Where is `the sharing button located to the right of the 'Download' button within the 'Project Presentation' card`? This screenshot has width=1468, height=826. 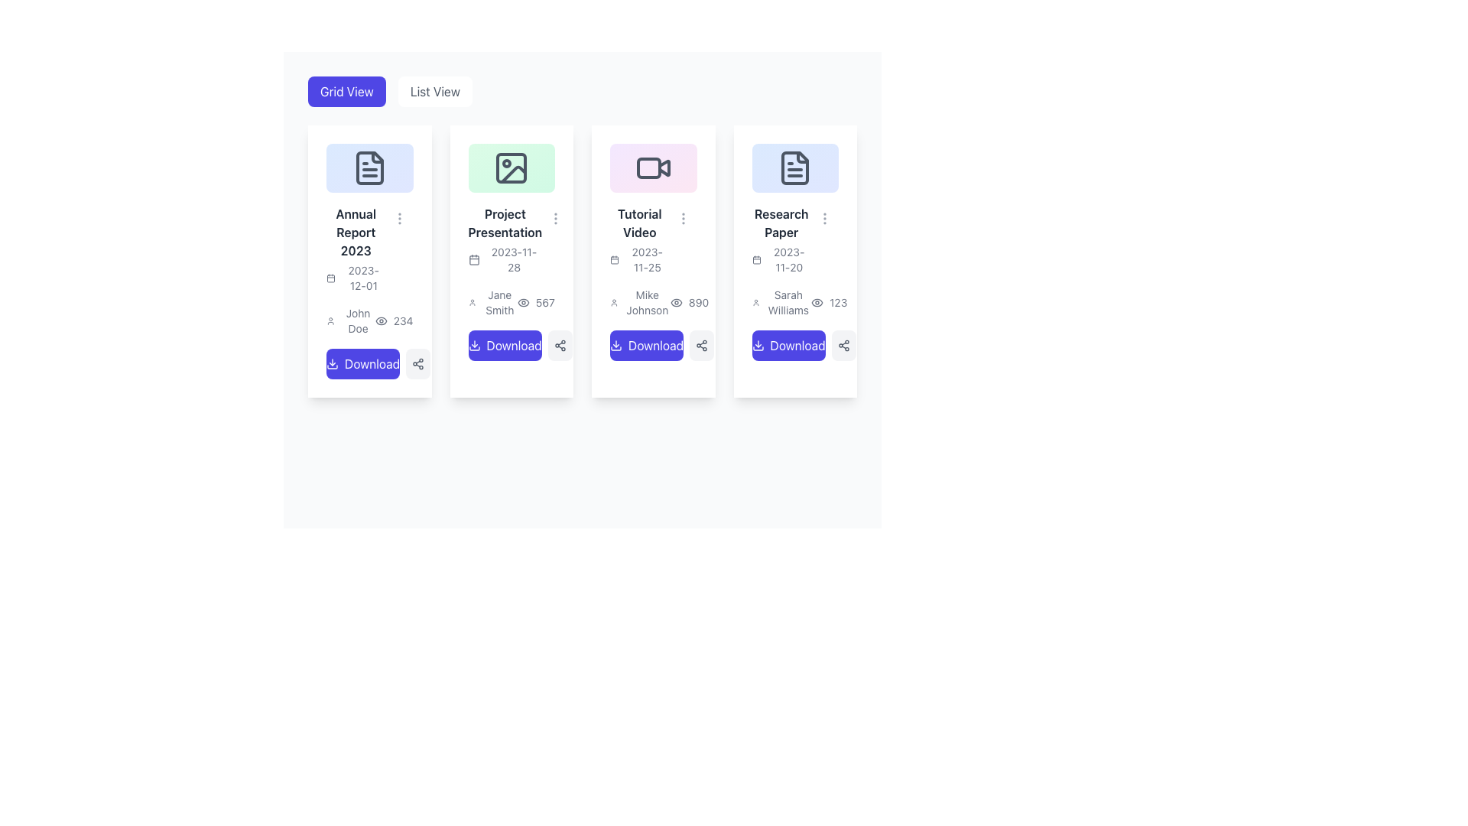 the sharing button located to the right of the 'Download' button within the 'Project Presentation' card is located at coordinates (559, 345).